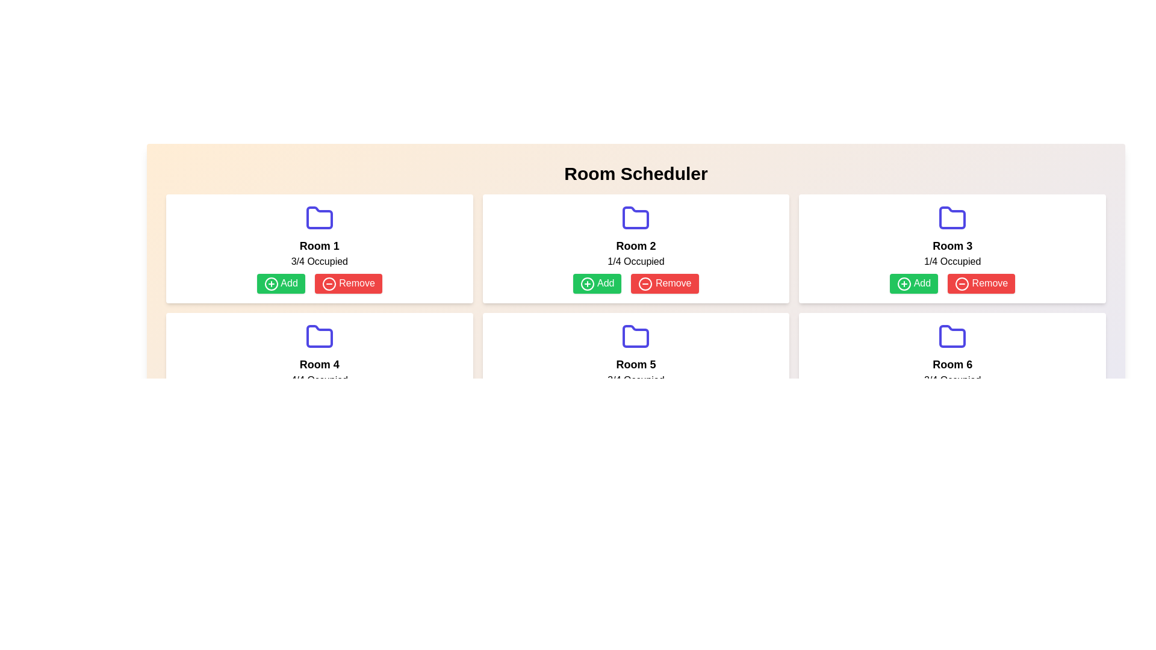 Image resolution: width=1156 pixels, height=650 pixels. What do you see at coordinates (347, 283) in the screenshot?
I see `Remove button for Room 1 to decrease its occupancy` at bounding box center [347, 283].